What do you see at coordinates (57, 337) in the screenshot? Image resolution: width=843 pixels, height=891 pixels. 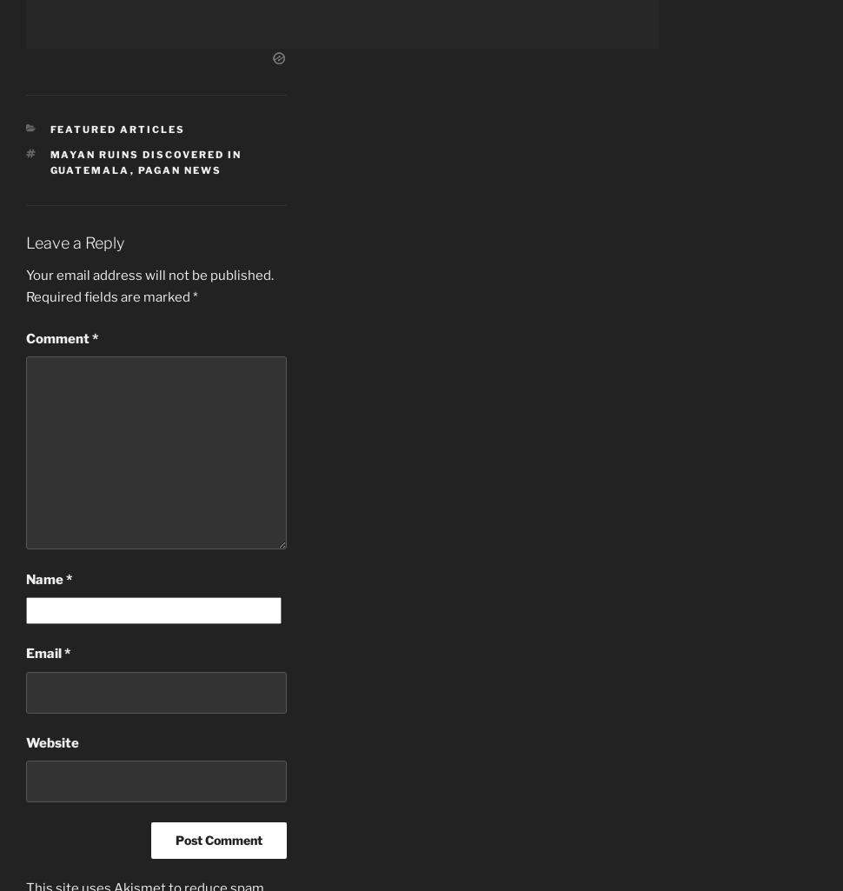 I see `'Comment'` at bounding box center [57, 337].